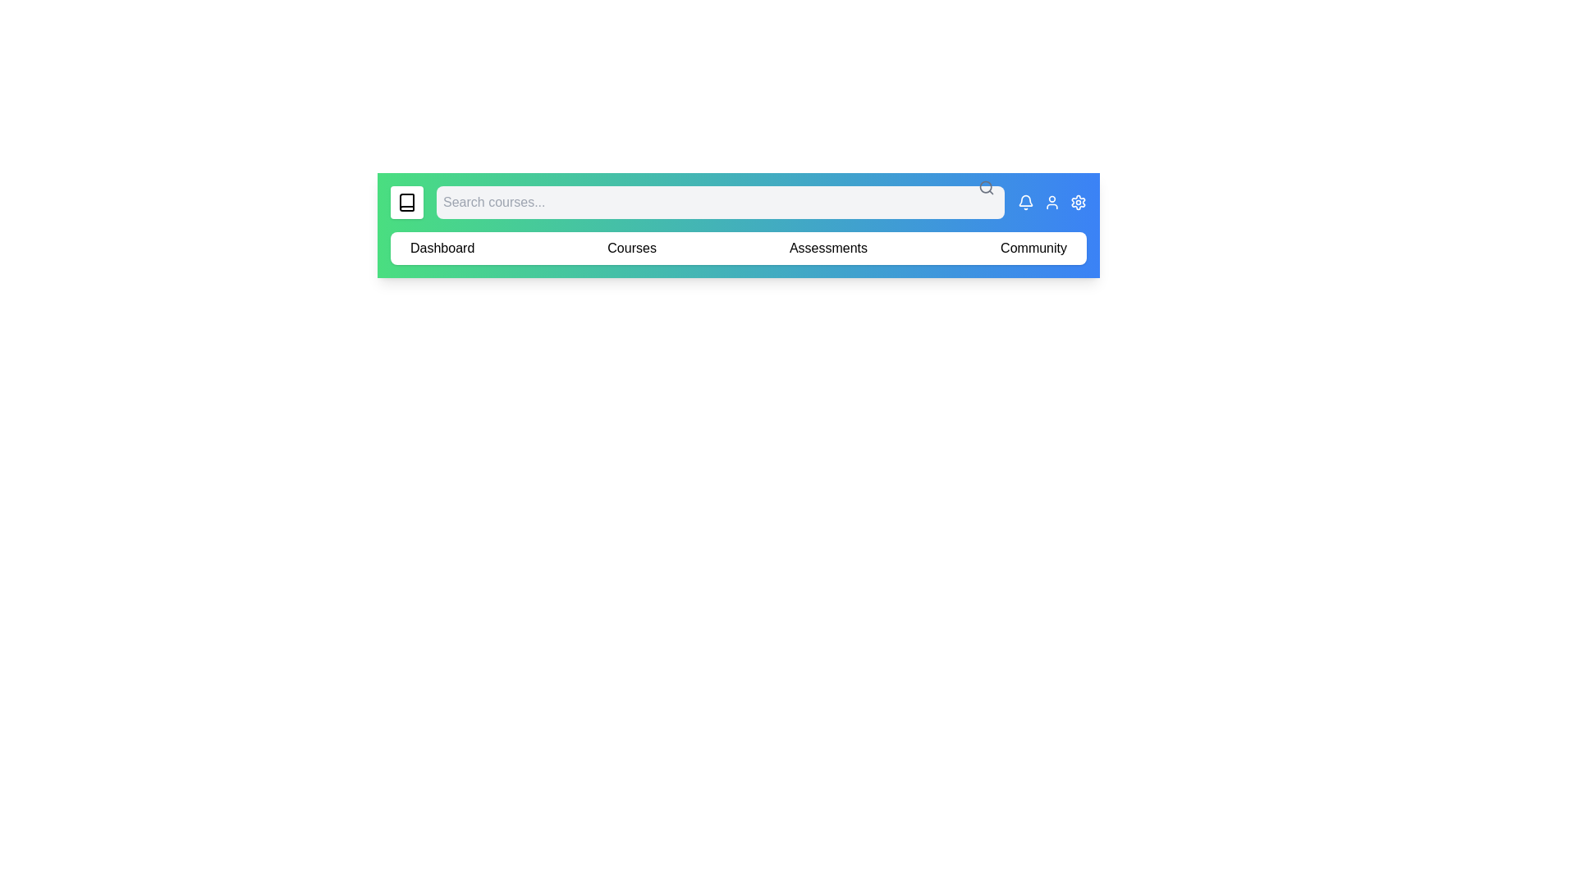 This screenshot has width=1576, height=886. Describe the element at coordinates (406, 201) in the screenshot. I see `the element labeled 'Book Icon' to reveal its hover effect` at that location.